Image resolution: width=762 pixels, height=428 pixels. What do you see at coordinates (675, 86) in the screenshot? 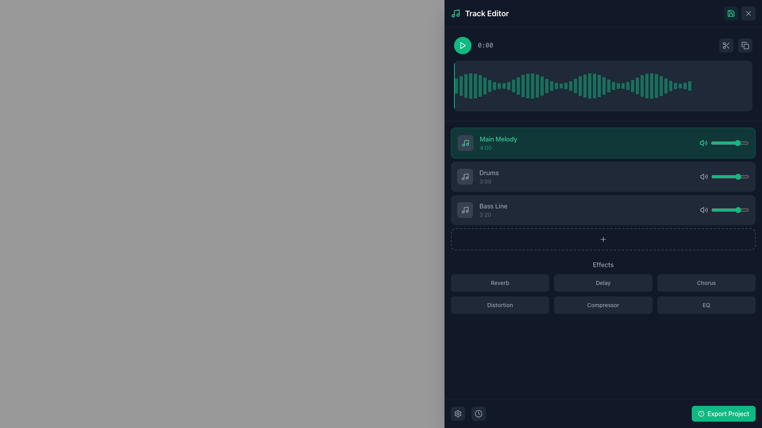
I see `the 52nd vertical bar in the waveform-like display, which visually represents amplitude or intensity levels` at bounding box center [675, 86].